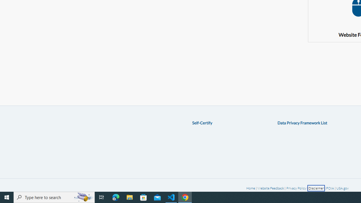 This screenshot has width=361, height=203. What do you see at coordinates (250, 188) in the screenshot?
I see `'Home'` at bounding box center [250, 188].